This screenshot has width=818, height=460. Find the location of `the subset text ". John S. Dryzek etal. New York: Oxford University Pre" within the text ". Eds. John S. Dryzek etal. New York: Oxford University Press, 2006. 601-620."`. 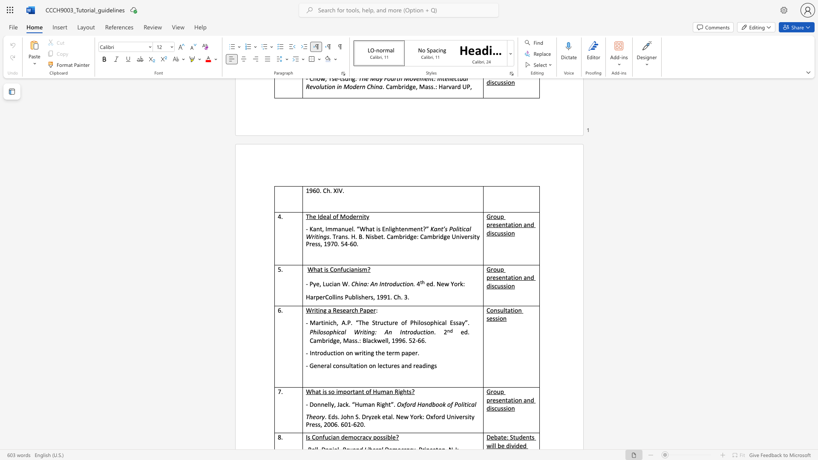

the subset text ". John S. Dryzek etal. New York: Oxford University Pre" within the text ". Eds. John S. Dryzek etal. New York: Oxford University Press, 2006. 601-620." is located at coordinates (337, 416).